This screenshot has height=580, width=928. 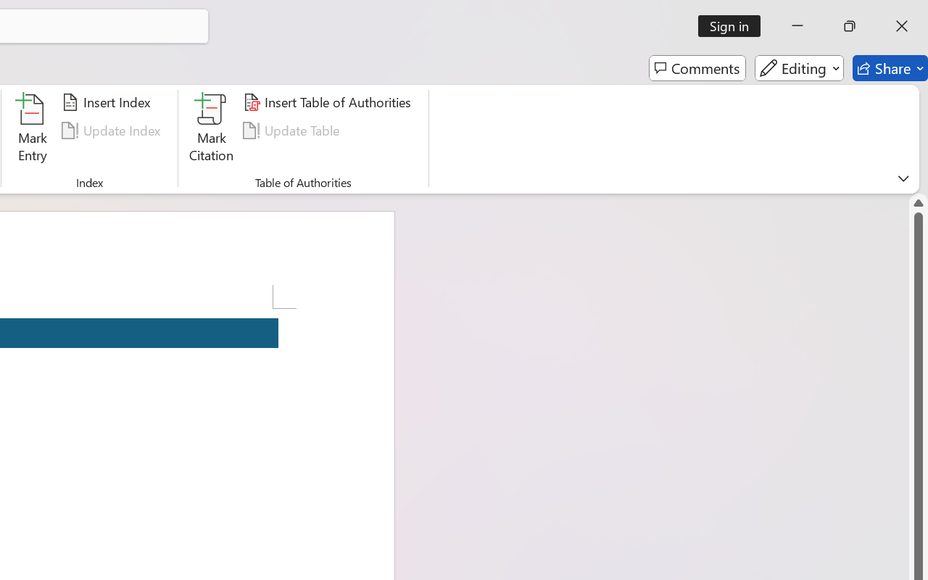 What do you see at coordinates (798, 68) in the screenshot?
I see `'Editing'` at bounding box center [798, 68].